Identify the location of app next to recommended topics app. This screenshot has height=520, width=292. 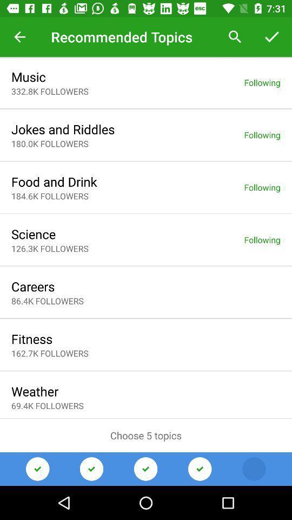
(19, 37).